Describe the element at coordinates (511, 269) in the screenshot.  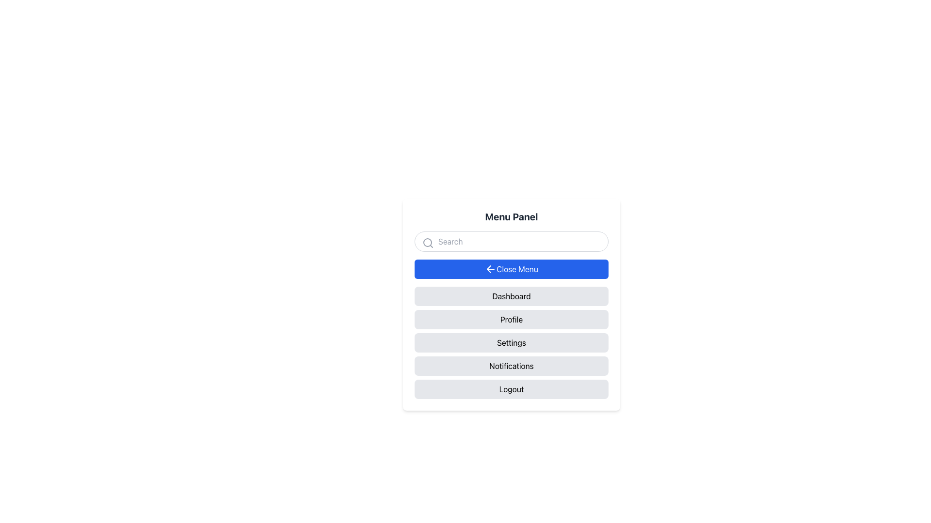
I see `the 'Close Menu' button with a blue background and white text, located below the search bar in the Menu Panel` at that location.